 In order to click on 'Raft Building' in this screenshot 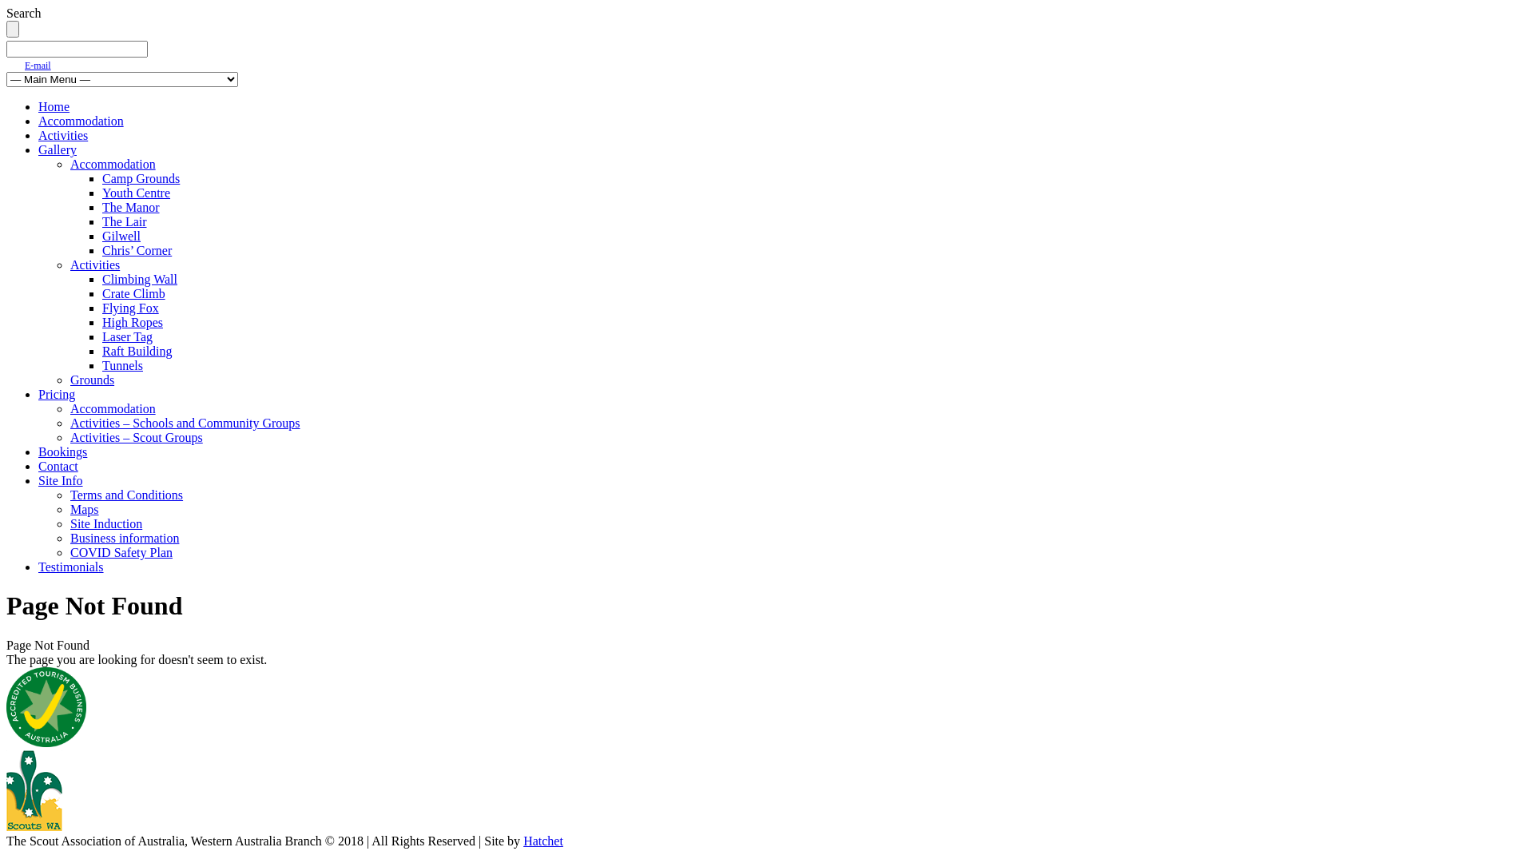, I will do `click(137, 350)`.